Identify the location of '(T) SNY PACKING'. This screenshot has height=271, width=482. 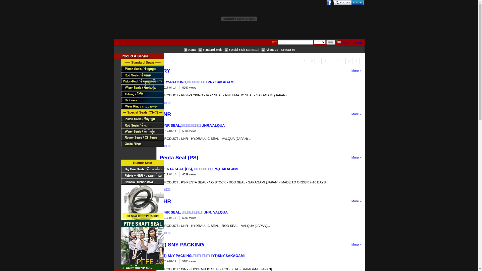
(182, 244).